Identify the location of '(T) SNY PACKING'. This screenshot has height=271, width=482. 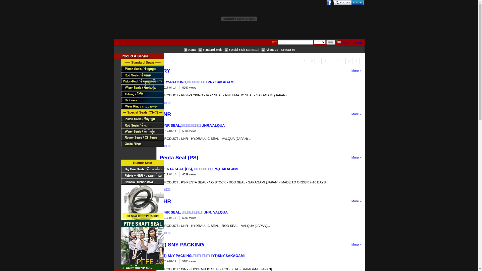
(182, 244).